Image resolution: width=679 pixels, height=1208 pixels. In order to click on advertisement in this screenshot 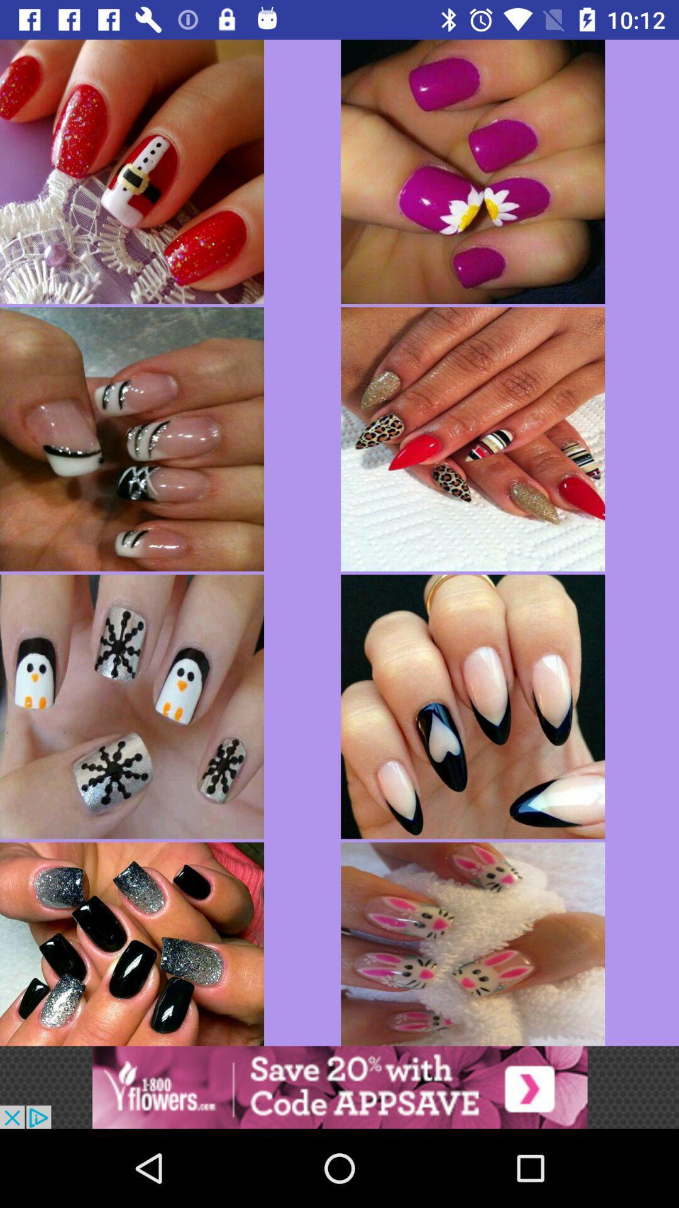, I will do `click(339, 1087)`.